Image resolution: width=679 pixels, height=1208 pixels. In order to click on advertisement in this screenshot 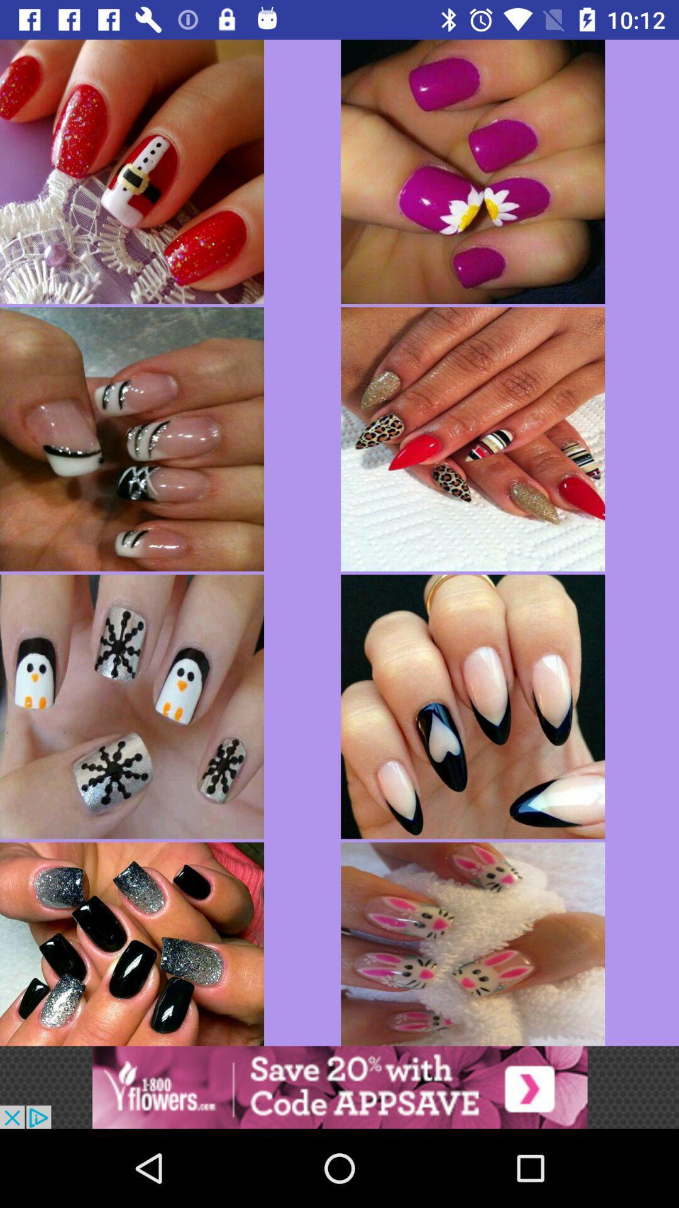, I will do `click(339, 1087)`.